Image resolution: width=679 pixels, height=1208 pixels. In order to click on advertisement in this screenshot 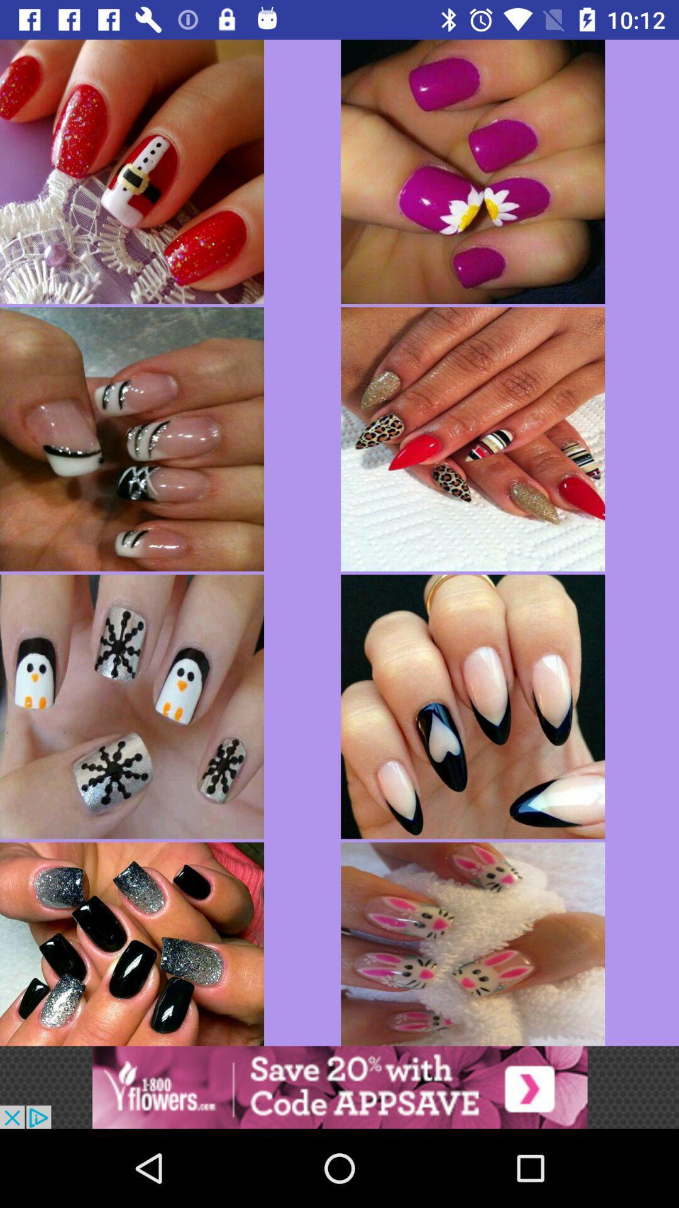, I will do `click(339, 1087)`.